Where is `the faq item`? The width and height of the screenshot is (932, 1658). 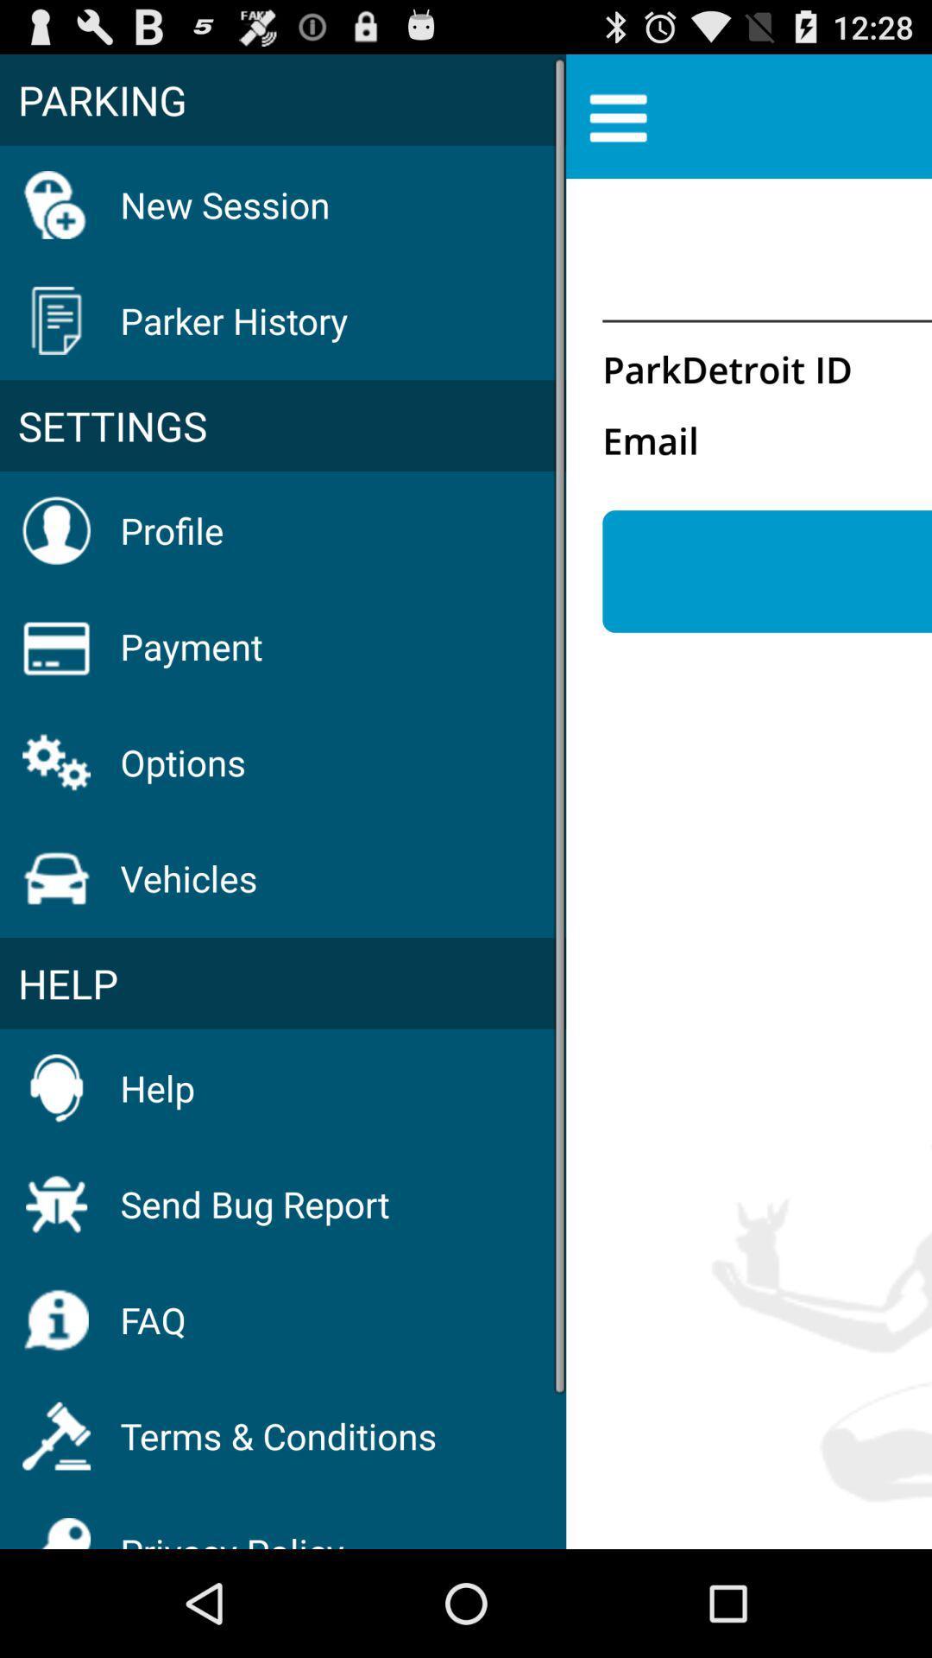 the faq item is located at coordinates (152, 1319).